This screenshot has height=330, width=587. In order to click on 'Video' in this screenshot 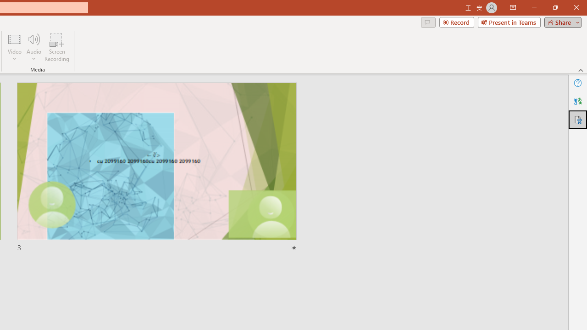, I will do `click(15, 47)`.